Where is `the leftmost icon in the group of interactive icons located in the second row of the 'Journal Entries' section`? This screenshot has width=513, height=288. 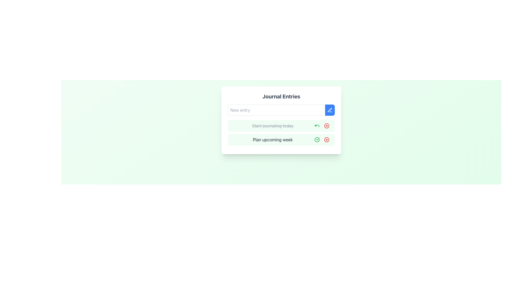
the leftmost icon in the group of interactive icons located in the second row of the 'Journal Entries' section is located at coordinates (317, 139).